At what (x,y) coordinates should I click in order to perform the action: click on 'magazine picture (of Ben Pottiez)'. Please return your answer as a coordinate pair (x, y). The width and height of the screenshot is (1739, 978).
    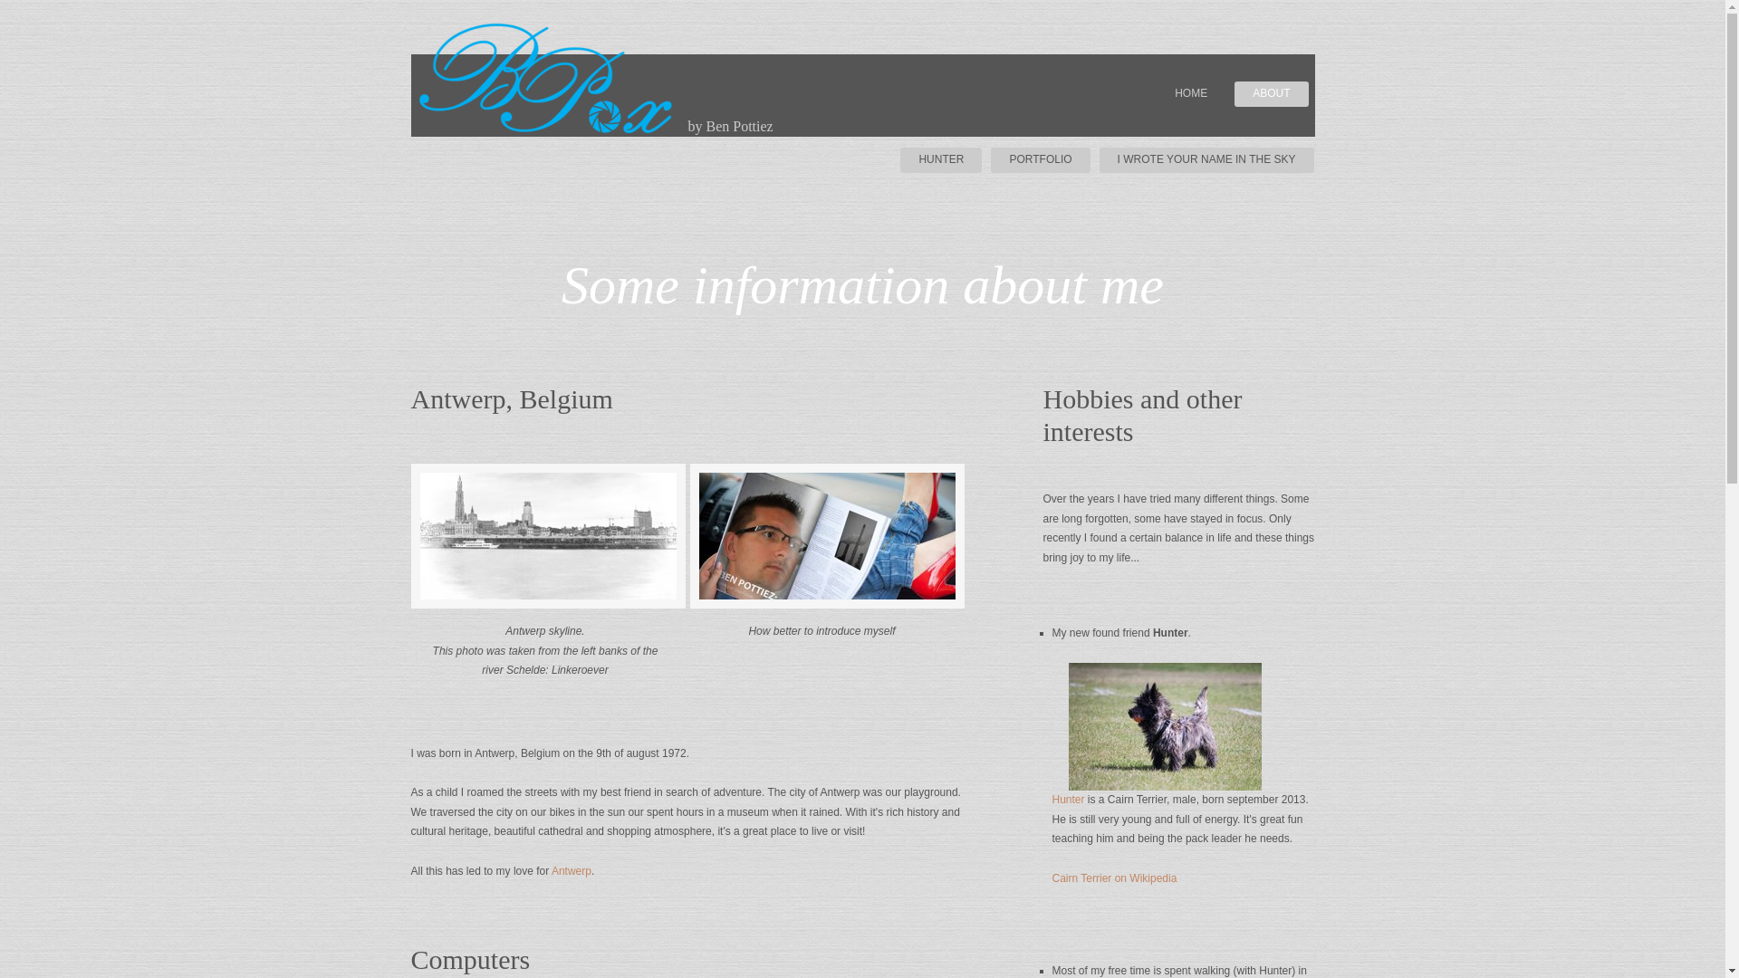
    Looking at the image, I should click on (826, 534).